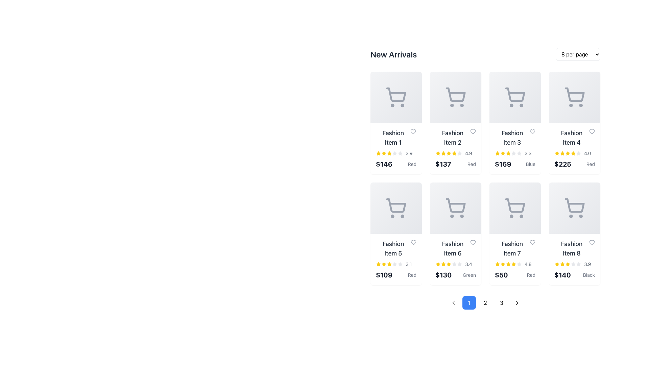 This screenshot has width=649, height=365. What do you see at coordinates (514, 249) in the screenshot?
I see `the static text label displaying 'Fashion Item 7' that is styled in bold, medium font and dark gray color, located at the top of the product card in the second row and third column of the grid layout` at bounding box center [514, 249].